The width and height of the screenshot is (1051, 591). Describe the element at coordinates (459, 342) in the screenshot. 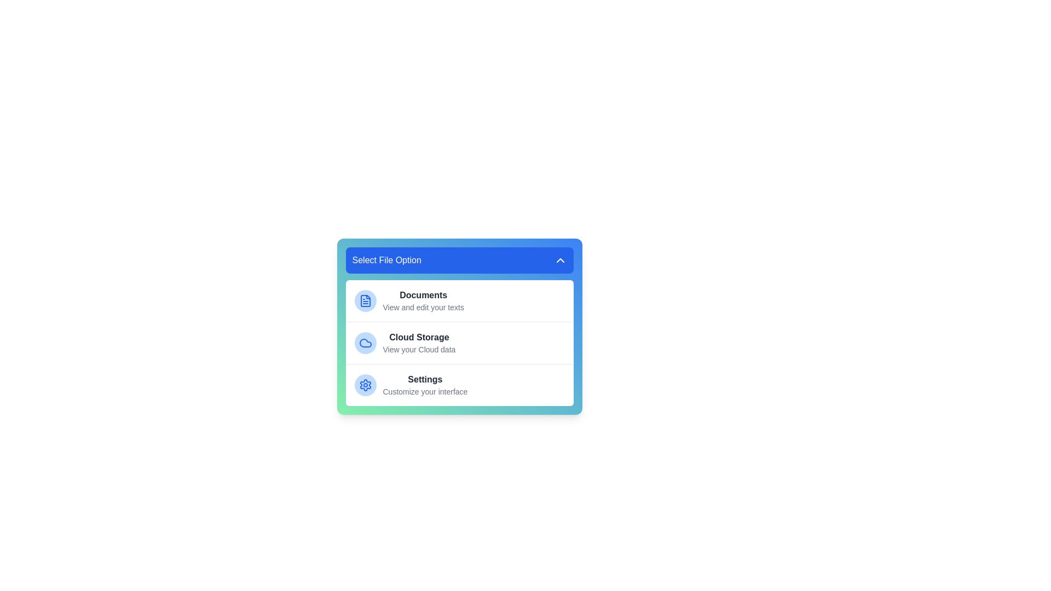

I see `the second item in the dropdown menu for cloud storage management, located between 'Documents' and 'Settings'` at that location.